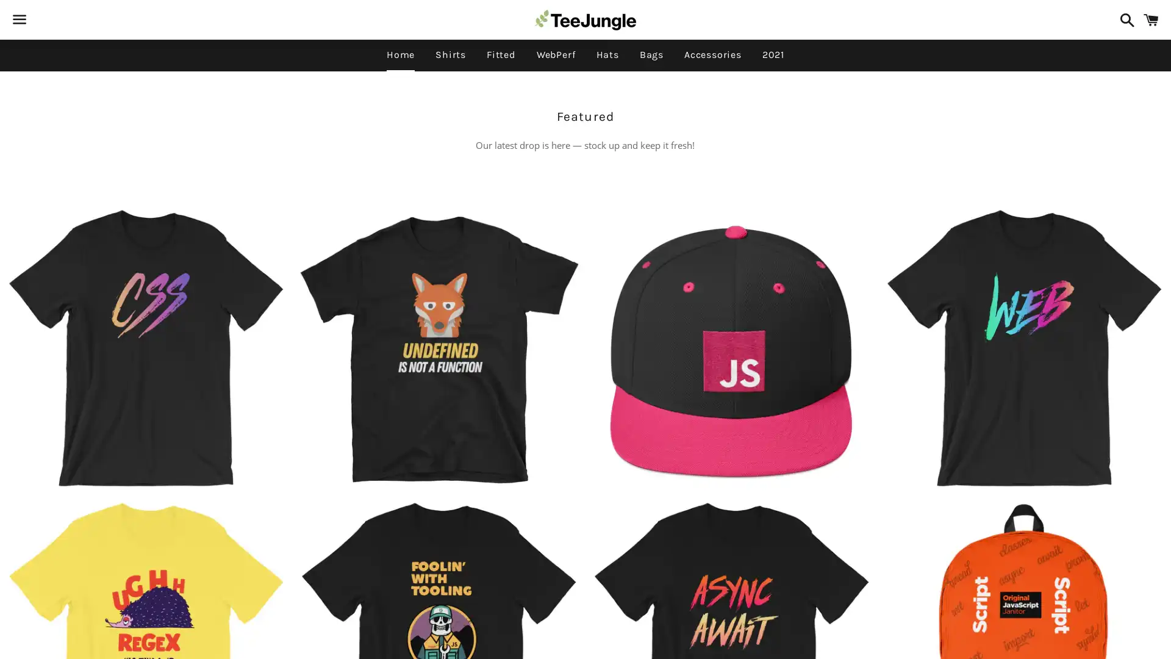  What do you see at coordinates (20, 19) in the screenshot?
I see `Menu` at bounding box center [20, 19].